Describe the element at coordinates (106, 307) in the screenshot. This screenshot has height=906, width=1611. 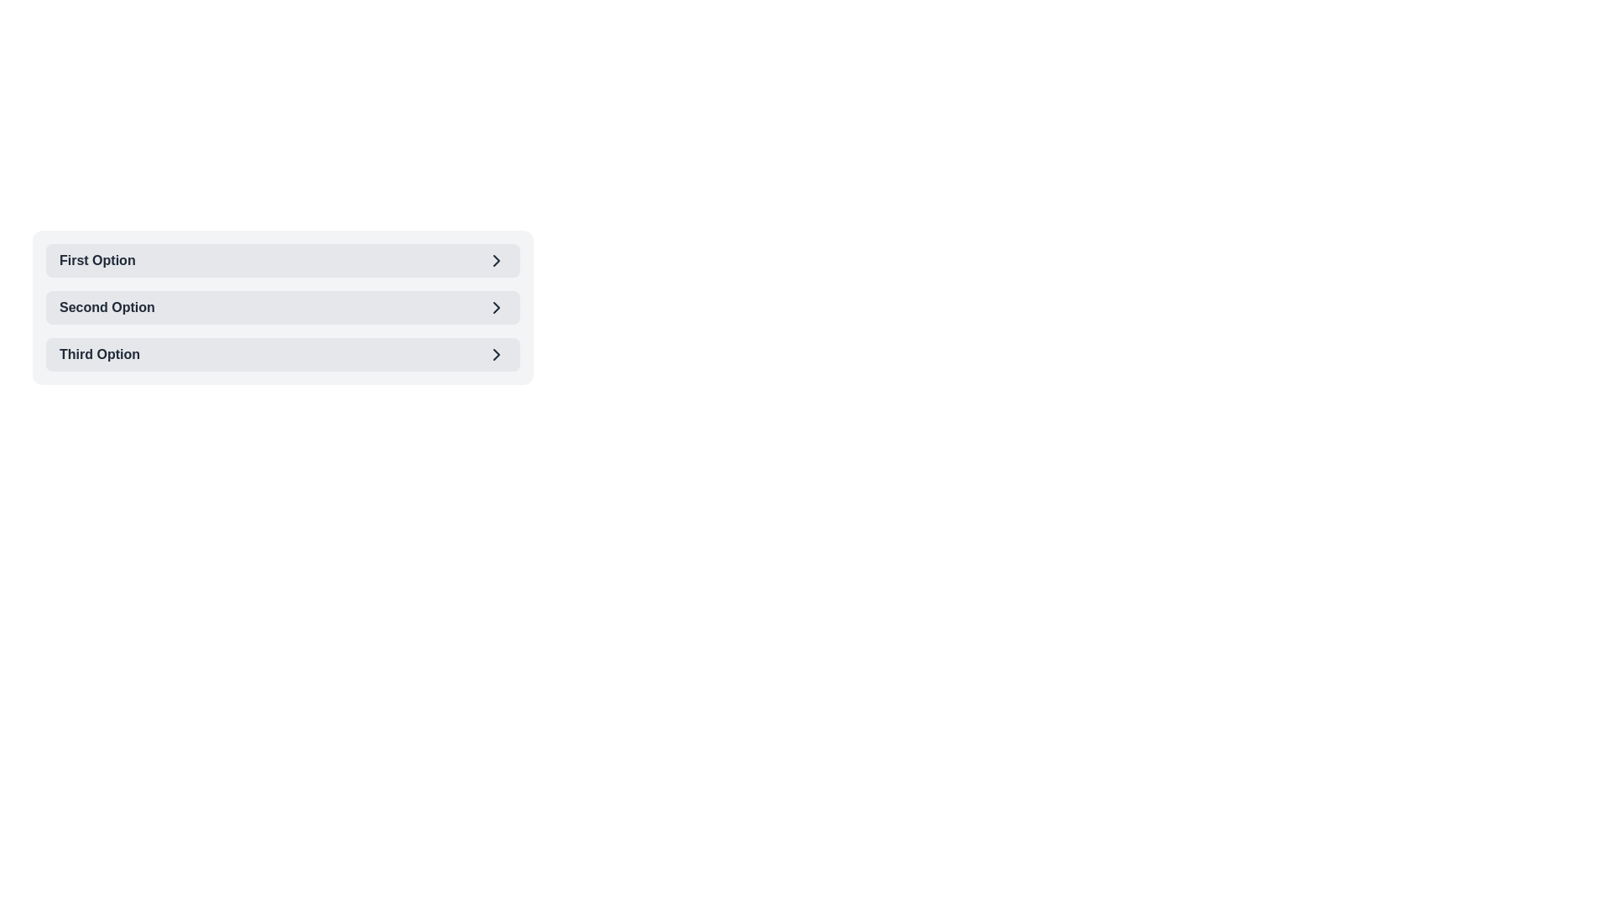
I see `the text label for the 'Second Option' in the vertically aligned menu, which helps users identify and select this specific choice` at that location.